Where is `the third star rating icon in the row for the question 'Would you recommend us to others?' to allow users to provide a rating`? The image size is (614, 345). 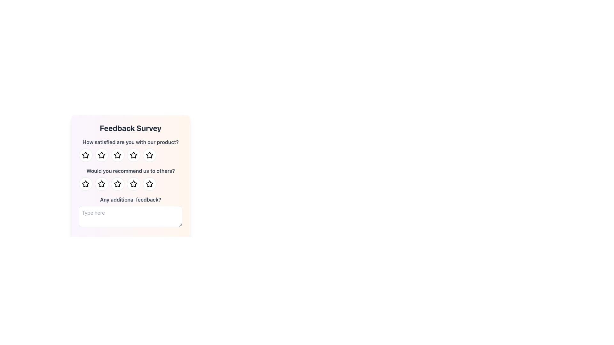 the third star rating icon in the row for the question 'Would you recommend us to others?' to allow users to provide a rating is located at coordinates (149, 184).